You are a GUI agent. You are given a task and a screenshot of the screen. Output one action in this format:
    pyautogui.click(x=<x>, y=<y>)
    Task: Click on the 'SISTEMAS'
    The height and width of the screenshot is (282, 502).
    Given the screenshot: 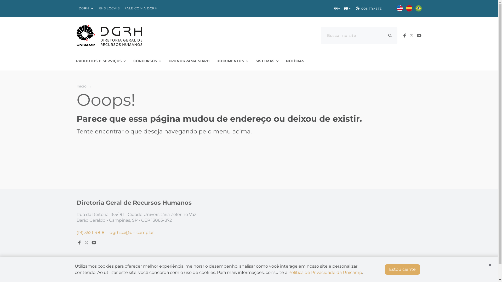 What is the action you would take?
    pyautogui.click(x=267, y=61)
    